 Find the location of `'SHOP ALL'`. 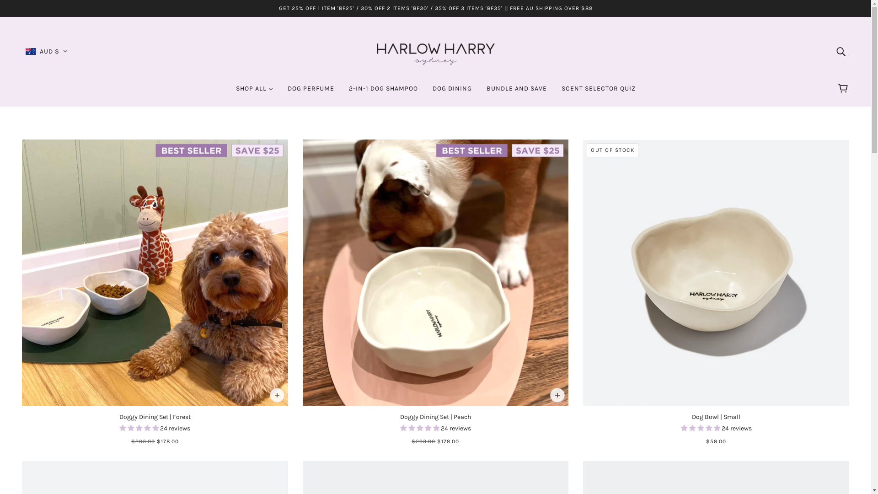

'SHOP ALL' is located at coordinates (254, 92).